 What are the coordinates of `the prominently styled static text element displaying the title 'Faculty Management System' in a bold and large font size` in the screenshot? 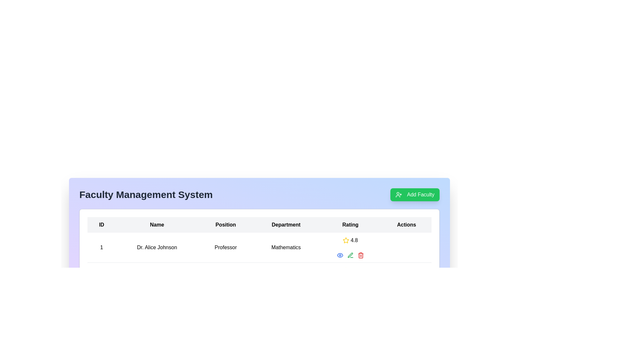 It's located at (145, 194).